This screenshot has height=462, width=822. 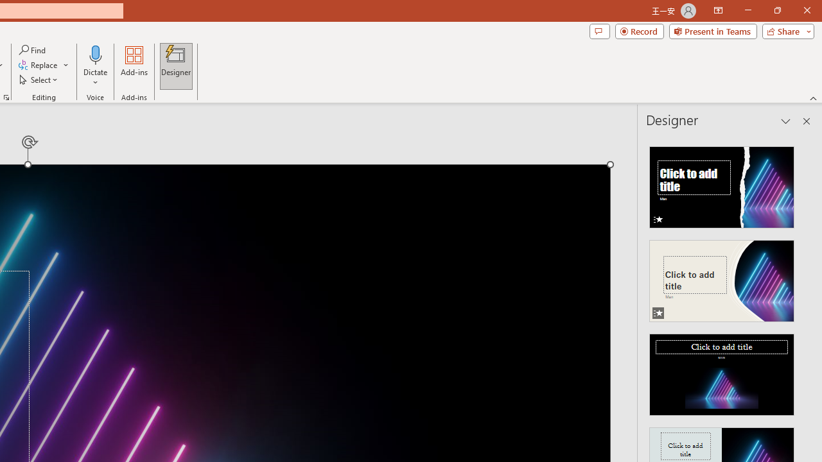 What do you see at coordinates (806, 121) in the screenshot?
I see `'Close pane'` at bounding box center [806, 121].